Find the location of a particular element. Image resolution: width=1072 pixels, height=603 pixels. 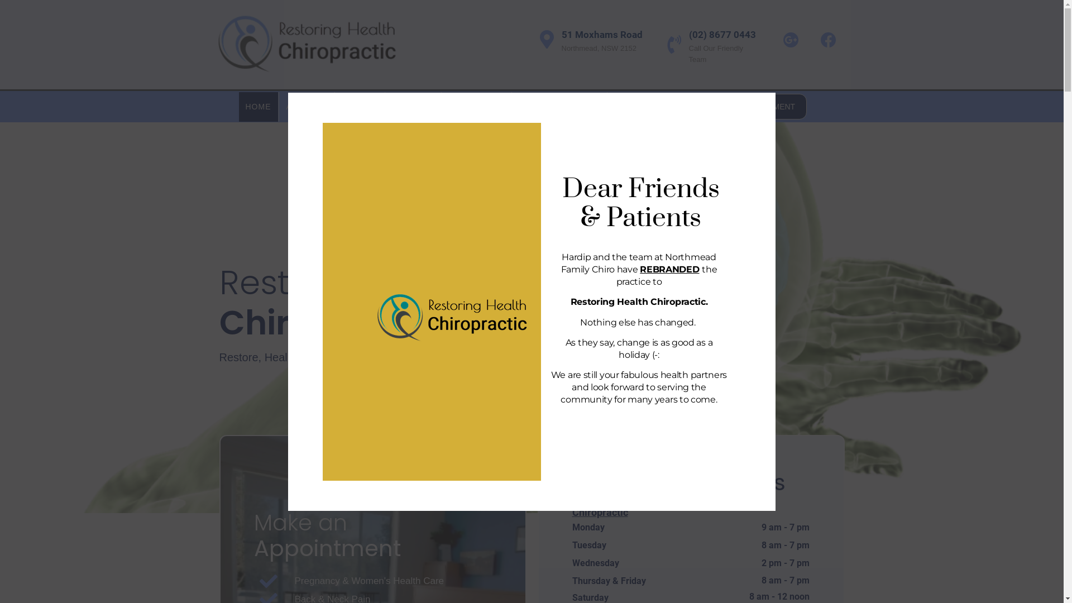

'HOME' is located at coordinates (257, 106).